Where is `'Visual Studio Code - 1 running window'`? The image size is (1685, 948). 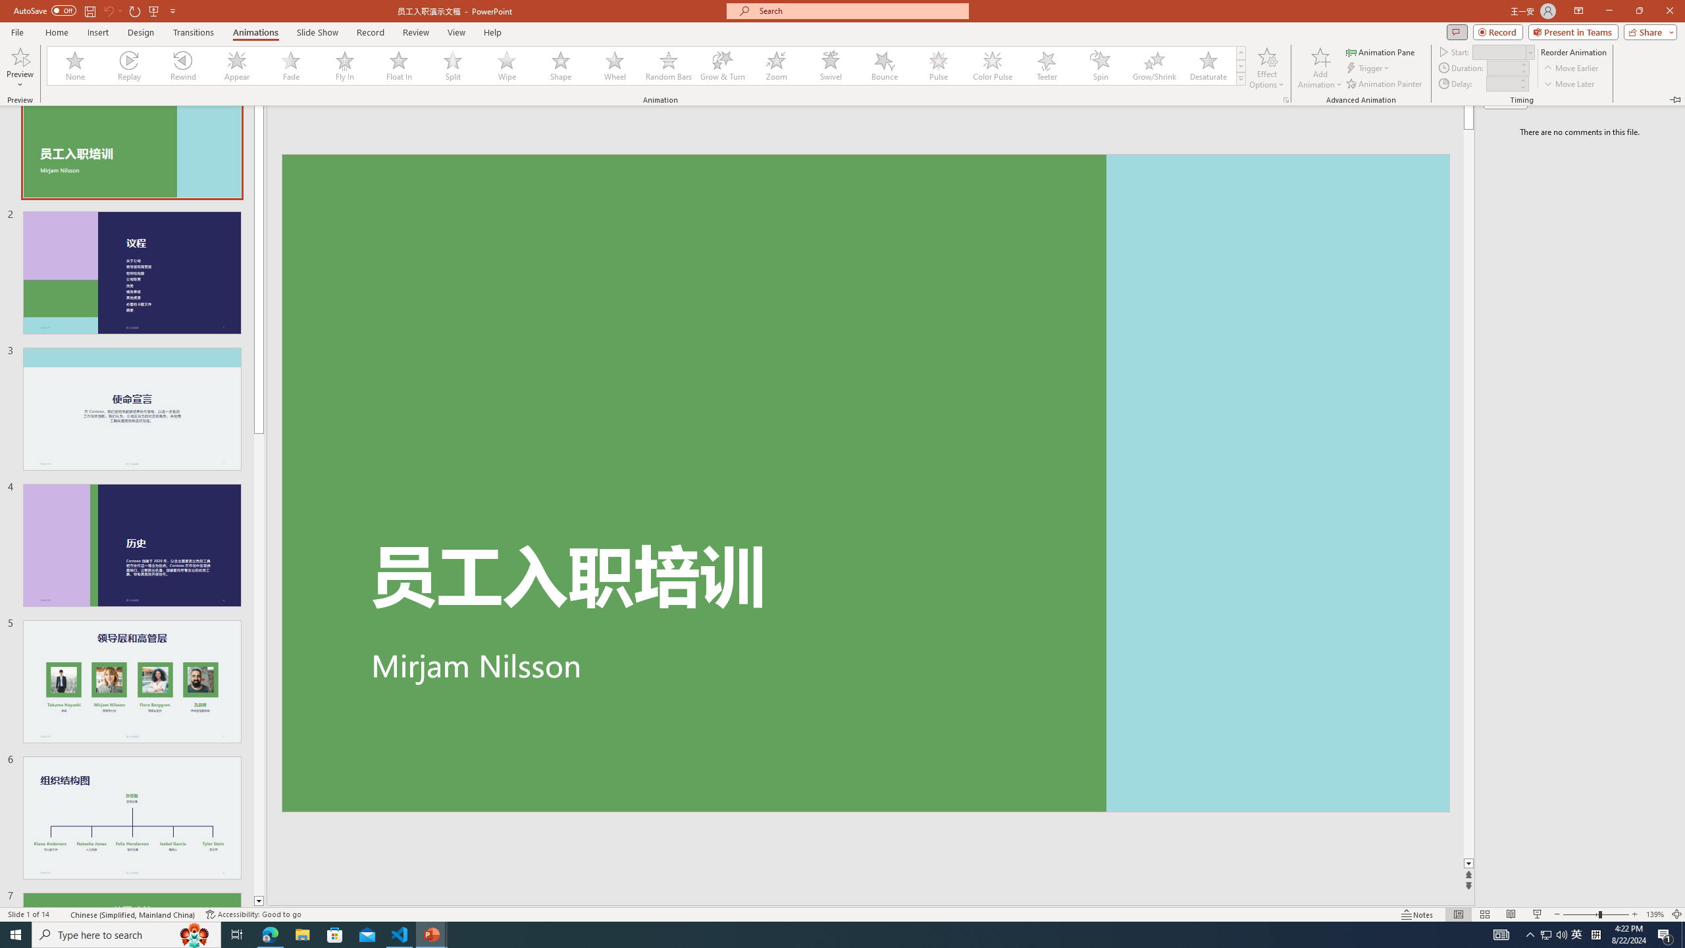
'Visual Studio Code - 1 running window' is located at coordinates (400, 934).